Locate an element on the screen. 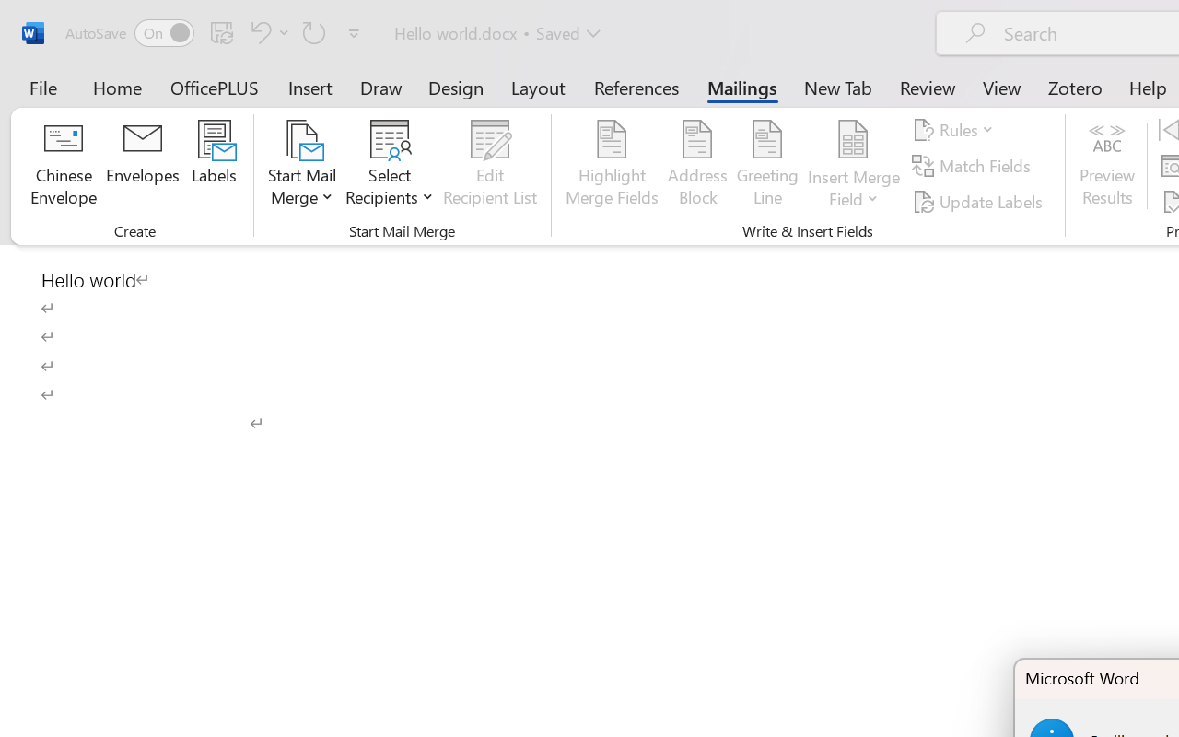  'Layout' is located at coordinates (537, 87).